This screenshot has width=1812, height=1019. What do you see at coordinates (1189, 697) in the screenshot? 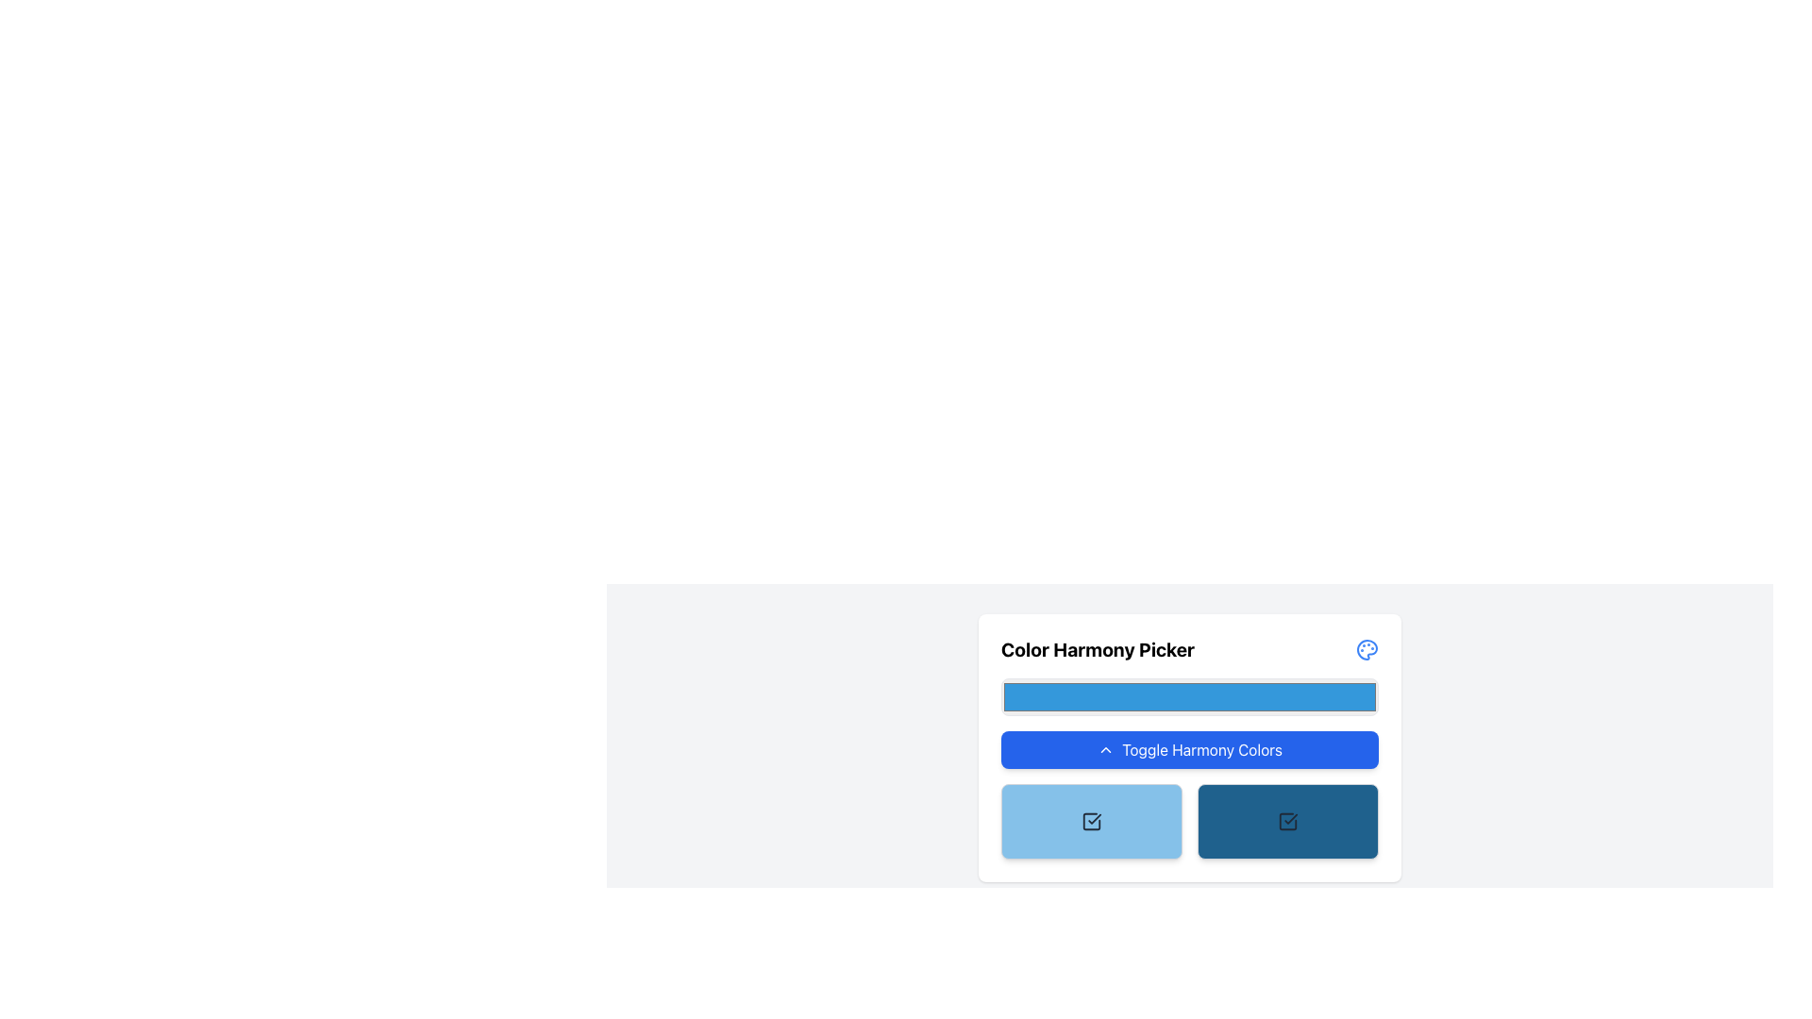
I see `the Color Picker Input element, which displays a blue background for the selected color, located below the 'Color Harmony Picker' title and above the 'Toggle Harmony Colors' button` at bounding box center [1189, 697].